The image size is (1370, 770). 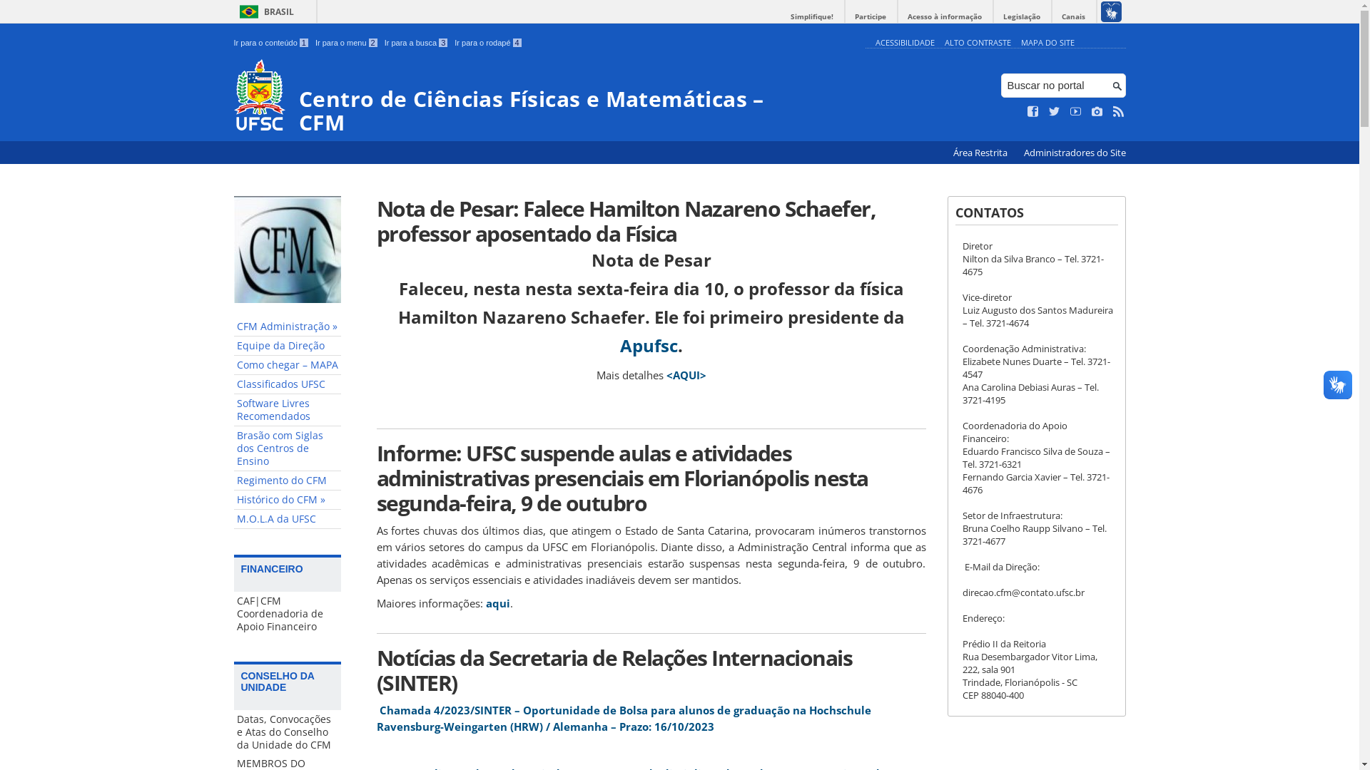 What do you see at coordinates (1055, 111) in the screenshot?
I see `'Siga no Twitter'` at bounding box center [1055, 111].